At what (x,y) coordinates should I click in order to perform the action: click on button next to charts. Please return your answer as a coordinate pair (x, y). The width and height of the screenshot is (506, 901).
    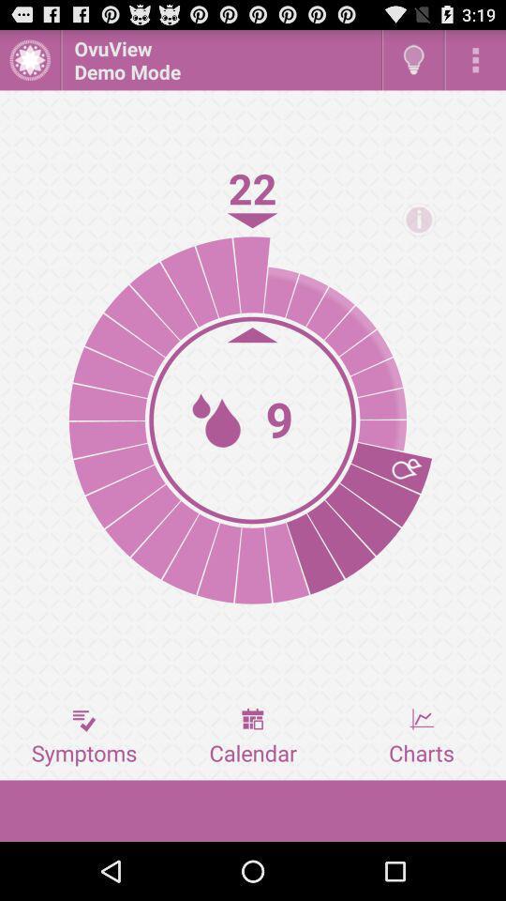
    Looking at the image, I should click on (253, 737).